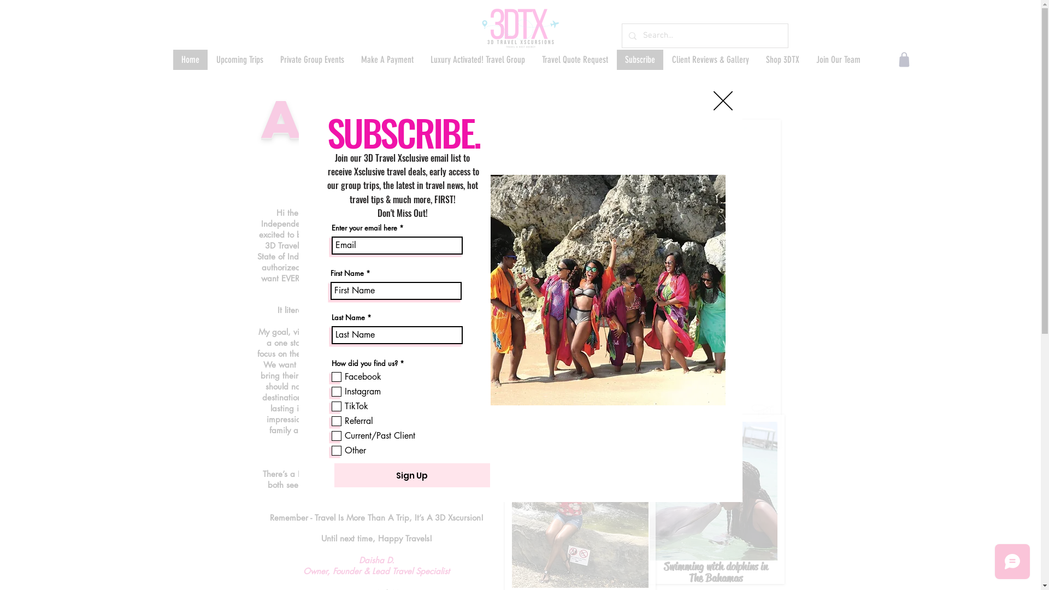 The width and height of the screenshot is (1049, 590). I want to click on 'Make A Payment', so click(386, 60).